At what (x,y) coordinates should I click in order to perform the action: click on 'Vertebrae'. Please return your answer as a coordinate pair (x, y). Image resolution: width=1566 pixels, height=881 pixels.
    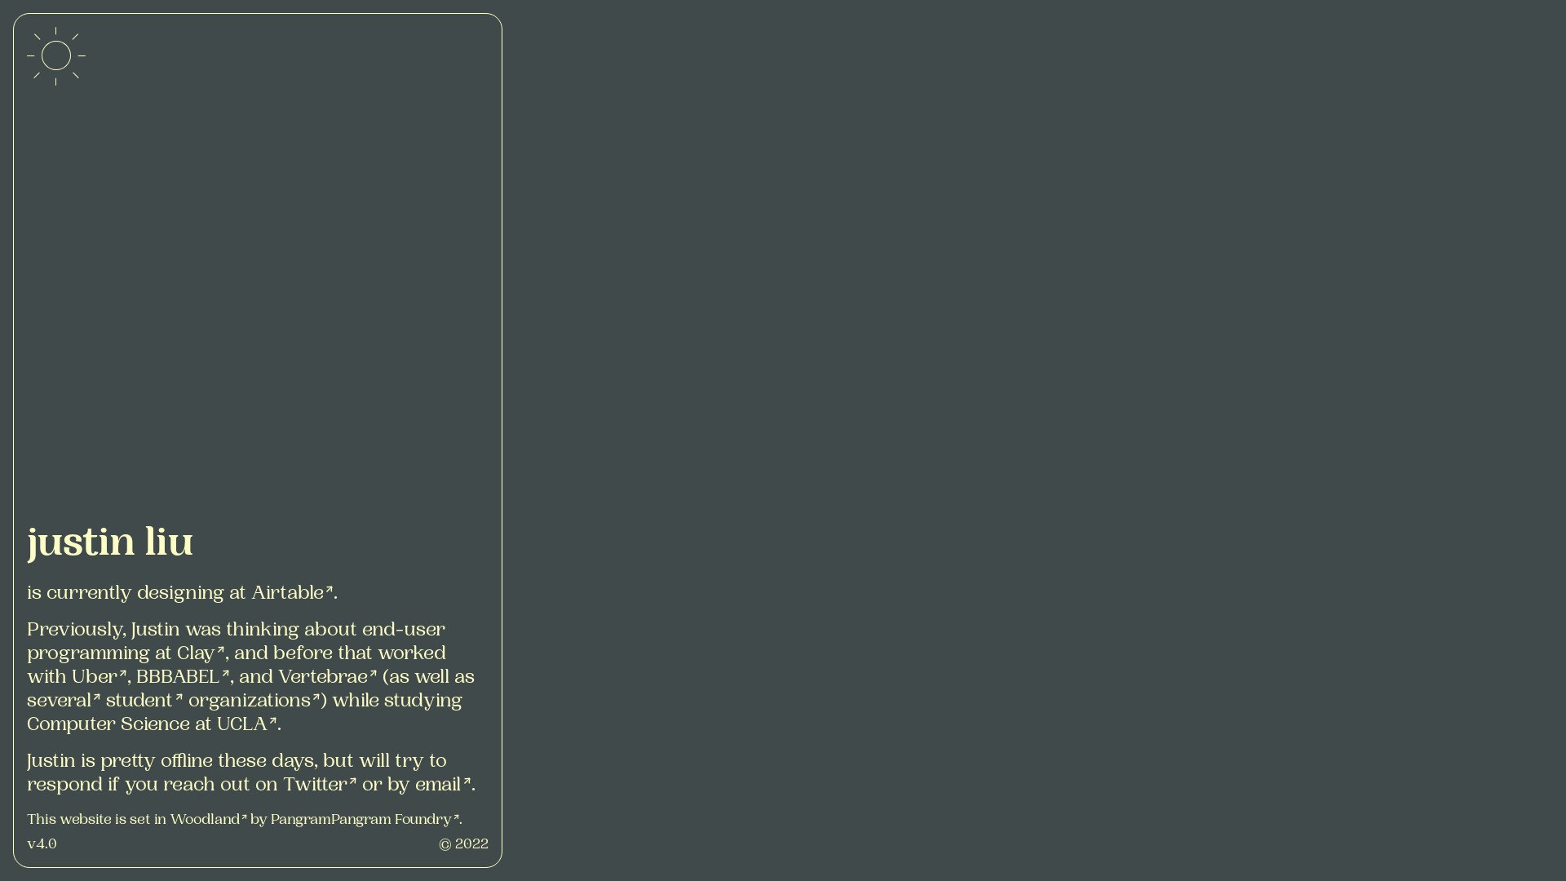
    Looking at the image, I should click on (327, 679).